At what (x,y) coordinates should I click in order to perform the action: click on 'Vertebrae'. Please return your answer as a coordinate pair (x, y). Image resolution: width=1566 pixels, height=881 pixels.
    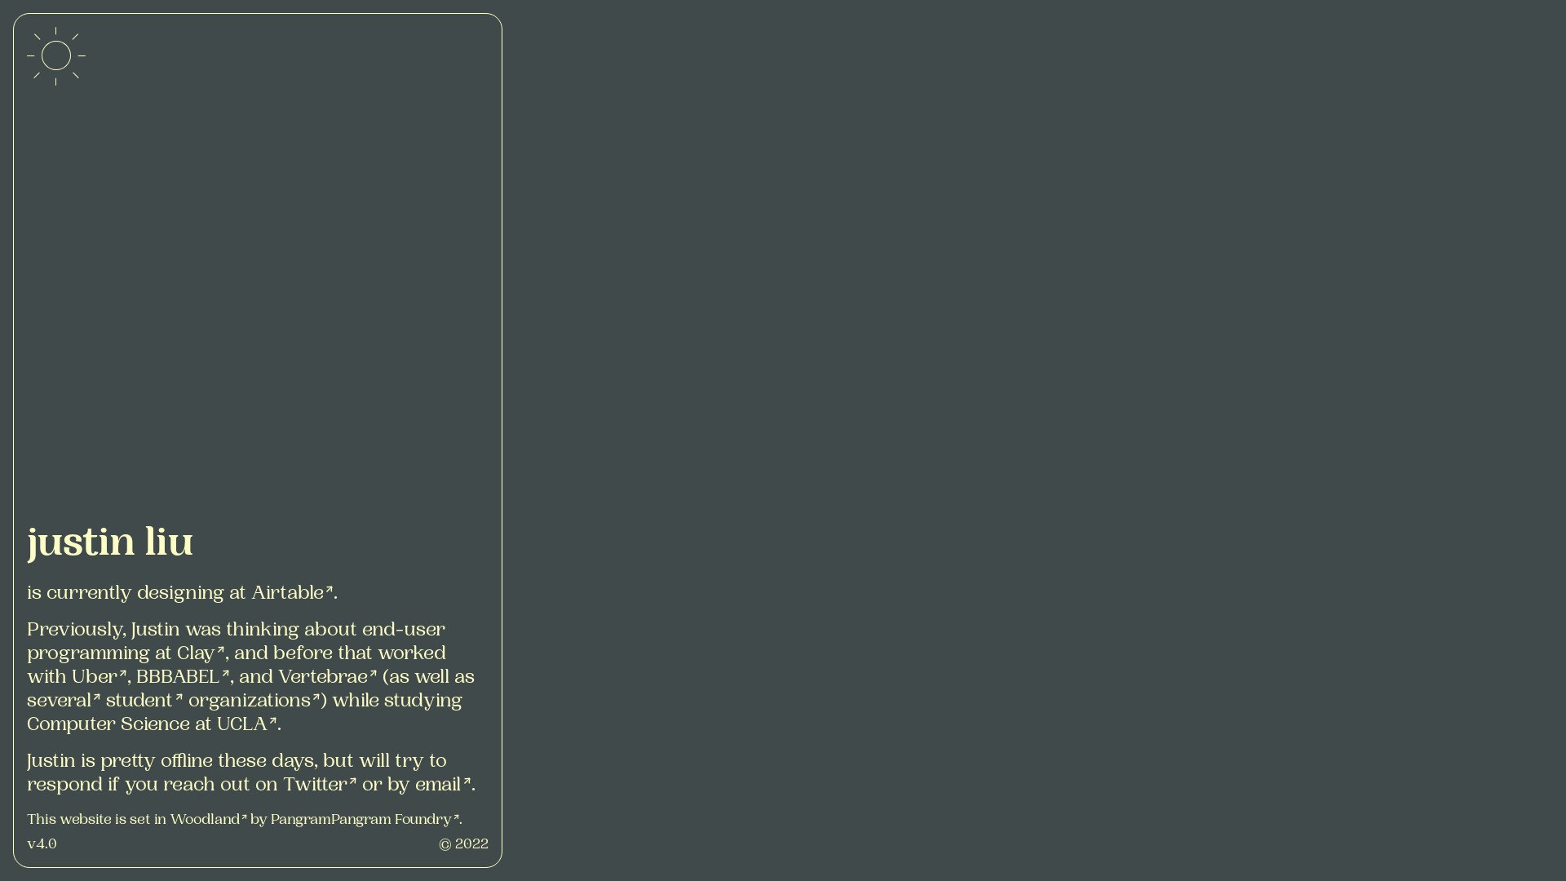
    Looking at the image, I should click on (327, 679).